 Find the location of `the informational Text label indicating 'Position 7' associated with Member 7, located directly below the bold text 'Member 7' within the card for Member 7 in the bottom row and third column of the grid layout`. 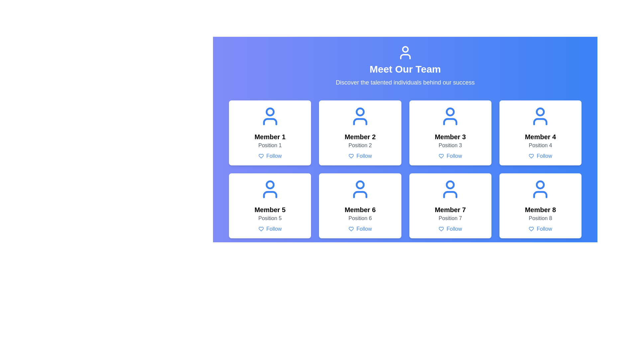

the informational Text label indicating 'Position 7' associated with Member 7, located directly below the bold text 'Member 7' within the card for Member 7 in the bottom row and third column of the grid layout is located at coordinates (450, 218).